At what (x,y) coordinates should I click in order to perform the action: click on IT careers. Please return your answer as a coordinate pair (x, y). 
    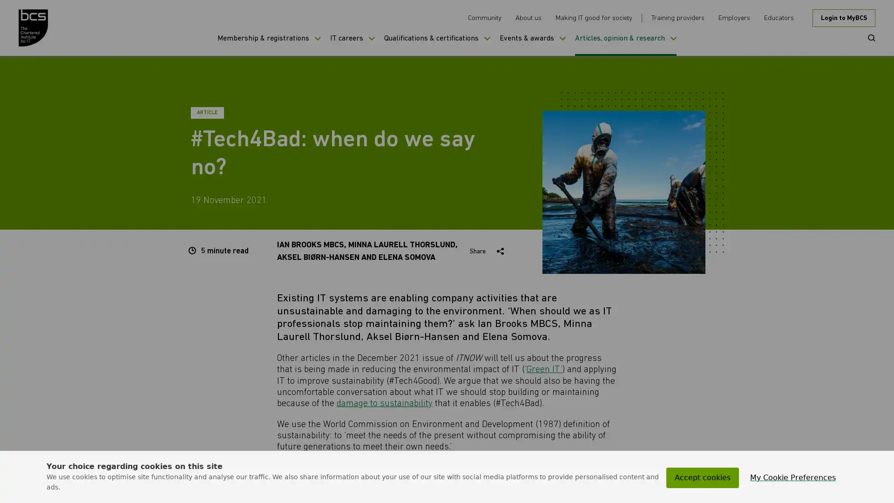
    Looking at the image, I should click on (352, 45).